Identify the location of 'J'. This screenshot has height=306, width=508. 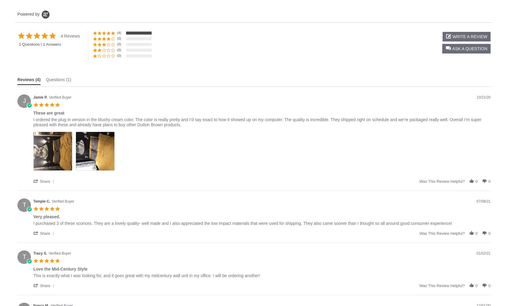
(24, 100).